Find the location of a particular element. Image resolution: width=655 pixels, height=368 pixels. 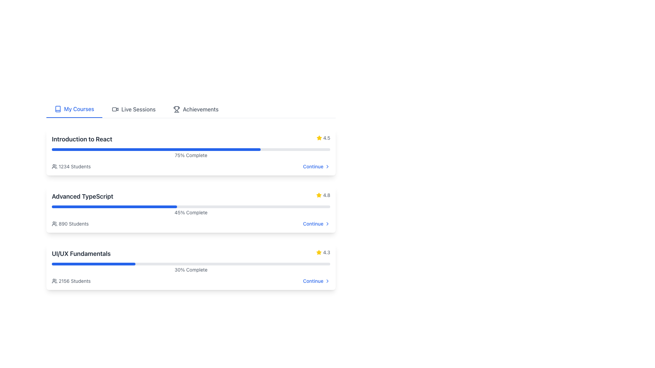

the 'Continue' hyperlink element is located at coordinates (316, 281).